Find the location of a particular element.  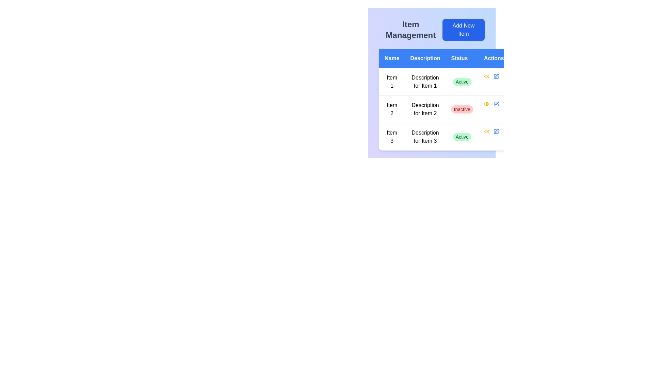

the 'Add New Item' button, a rectangular button with a blue background and white text, positioned to the right of the 'Item Management' heading, using keyboard navigation is located at coordinates (463, 30).